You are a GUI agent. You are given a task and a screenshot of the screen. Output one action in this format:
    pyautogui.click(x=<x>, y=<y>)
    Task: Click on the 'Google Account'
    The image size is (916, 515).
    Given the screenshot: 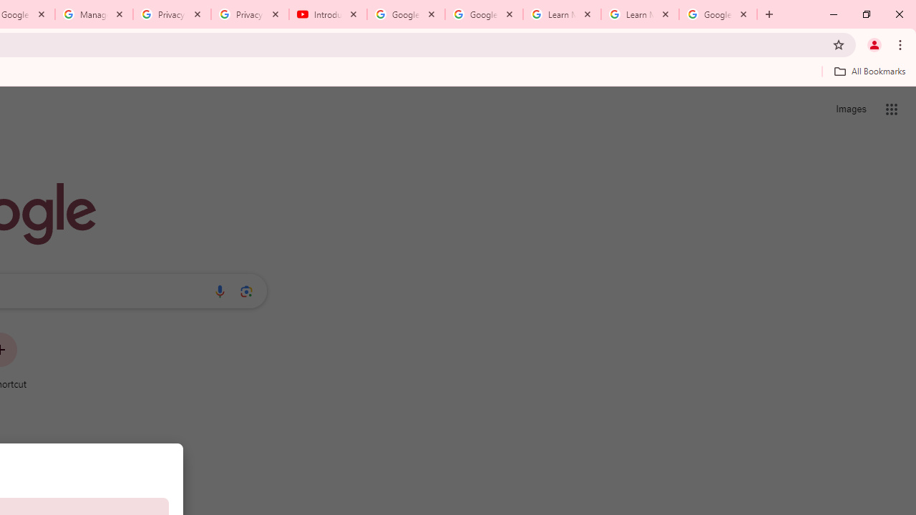 What is the action you would take?
    pyautogui.click(x=718, y=14)
    